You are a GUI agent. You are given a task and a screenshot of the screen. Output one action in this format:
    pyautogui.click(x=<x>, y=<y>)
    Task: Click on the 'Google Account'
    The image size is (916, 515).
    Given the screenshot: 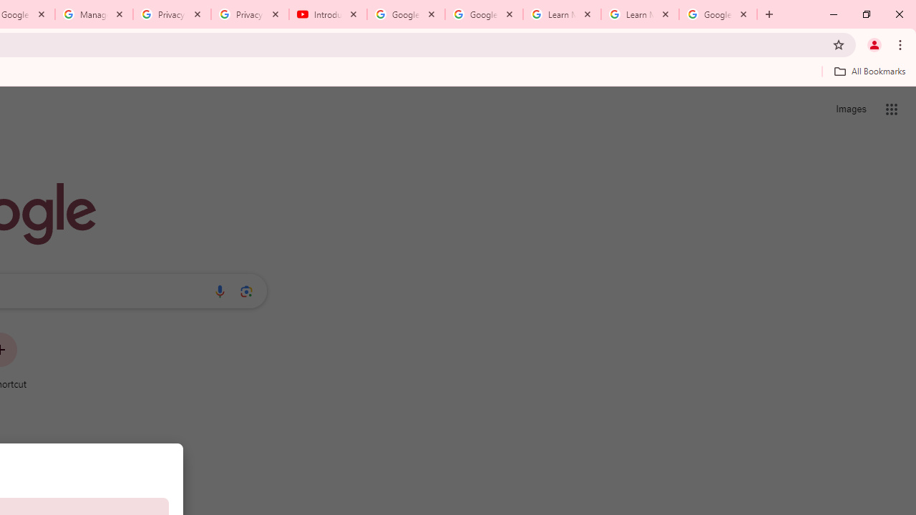 What is the action you would take?
    pyautogui.click(x=718, y=14)
    